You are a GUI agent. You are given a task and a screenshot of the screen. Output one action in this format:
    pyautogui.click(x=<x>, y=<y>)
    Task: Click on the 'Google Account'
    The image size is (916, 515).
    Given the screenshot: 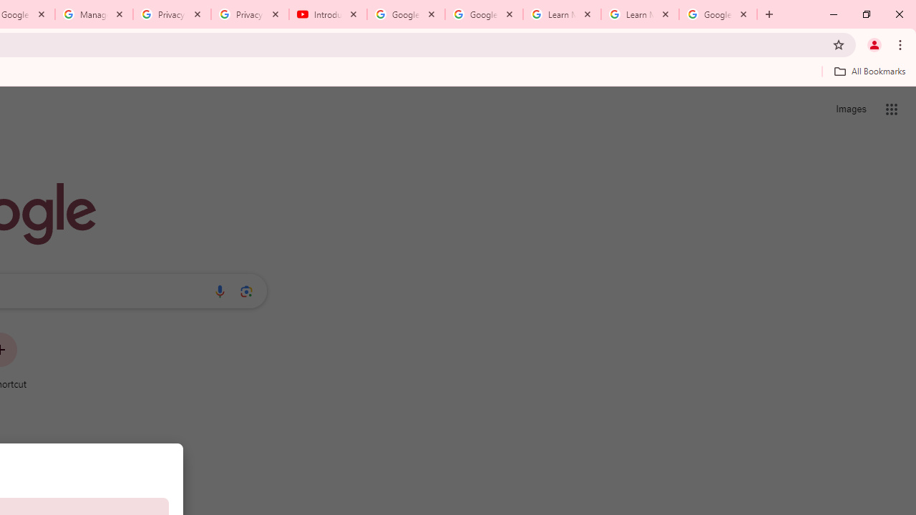 What is the action you would take?
    pyautogui.click(x=718, y=14)
    